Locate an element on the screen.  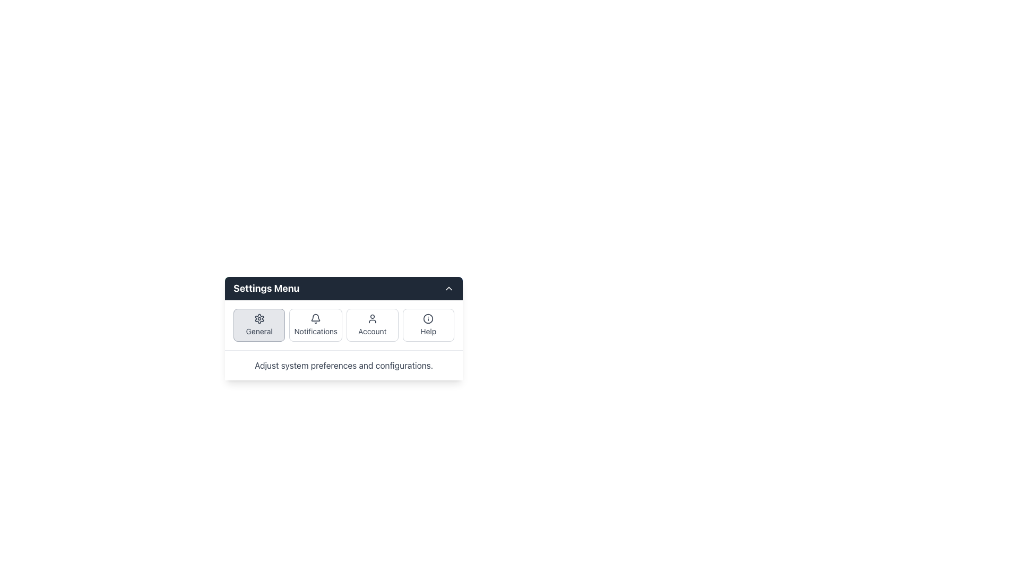
text label displaying the word 'Help' located below the information icon in the settings menu interface is located at coordinates (428, 331).